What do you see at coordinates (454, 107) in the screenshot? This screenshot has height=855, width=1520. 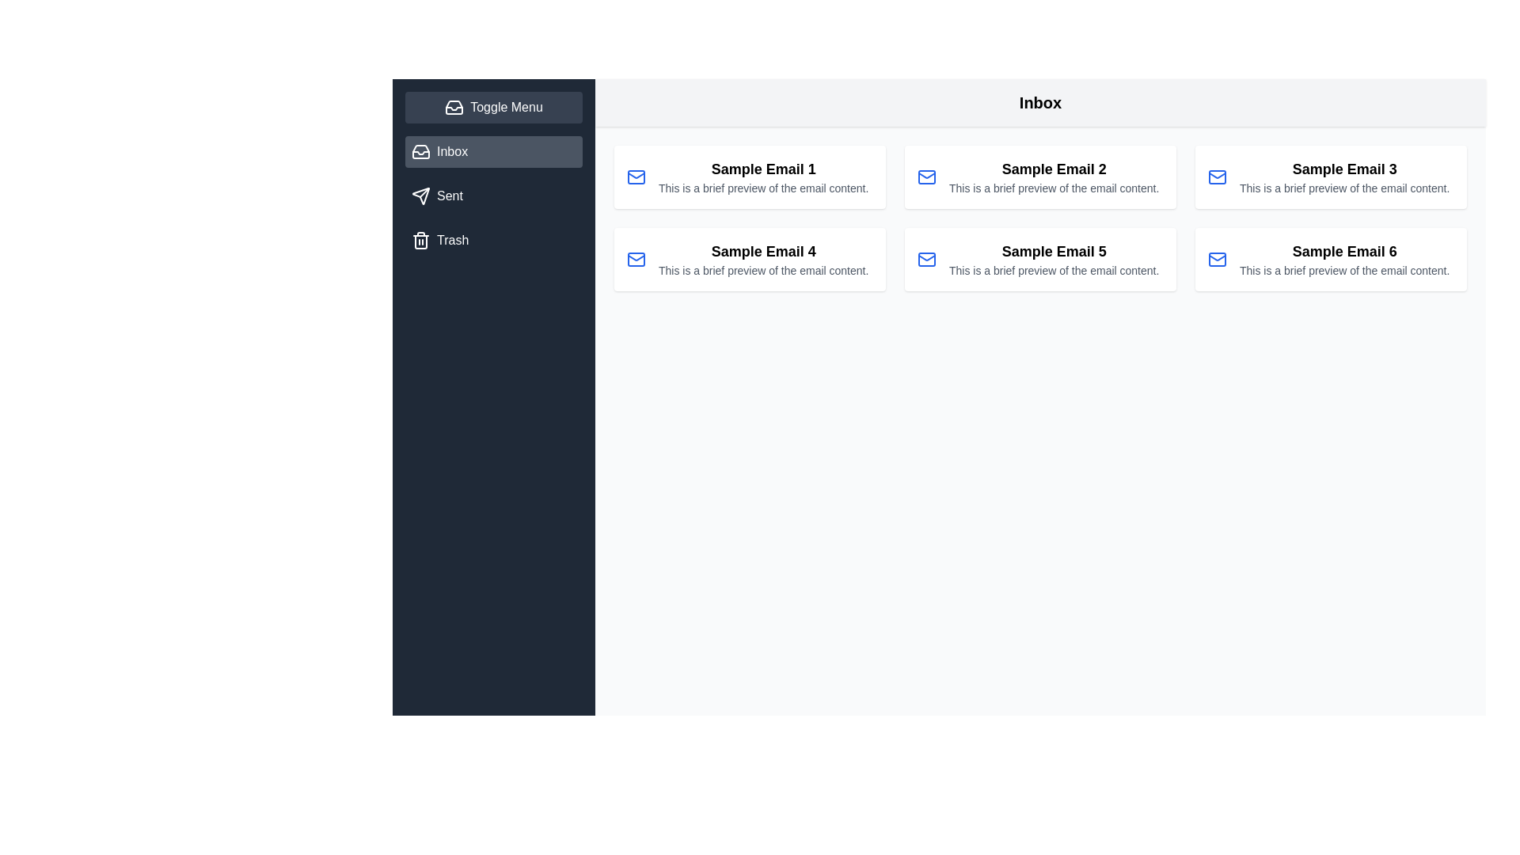 I see `the icon located to the left of the 'Toggle Menu' text label in the upper section of the left-side navigation panel` at bounding box center [454, 107].